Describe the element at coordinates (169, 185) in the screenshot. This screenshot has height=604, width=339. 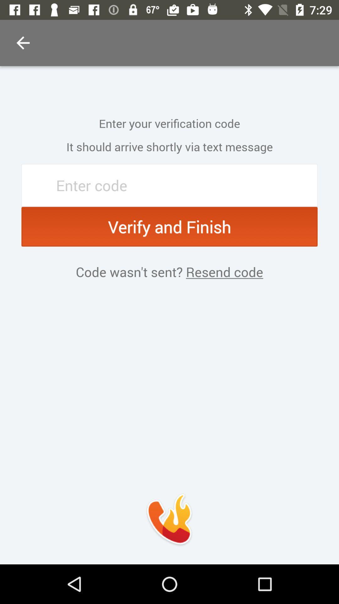
I see `icon below the it should arrive` at that location.